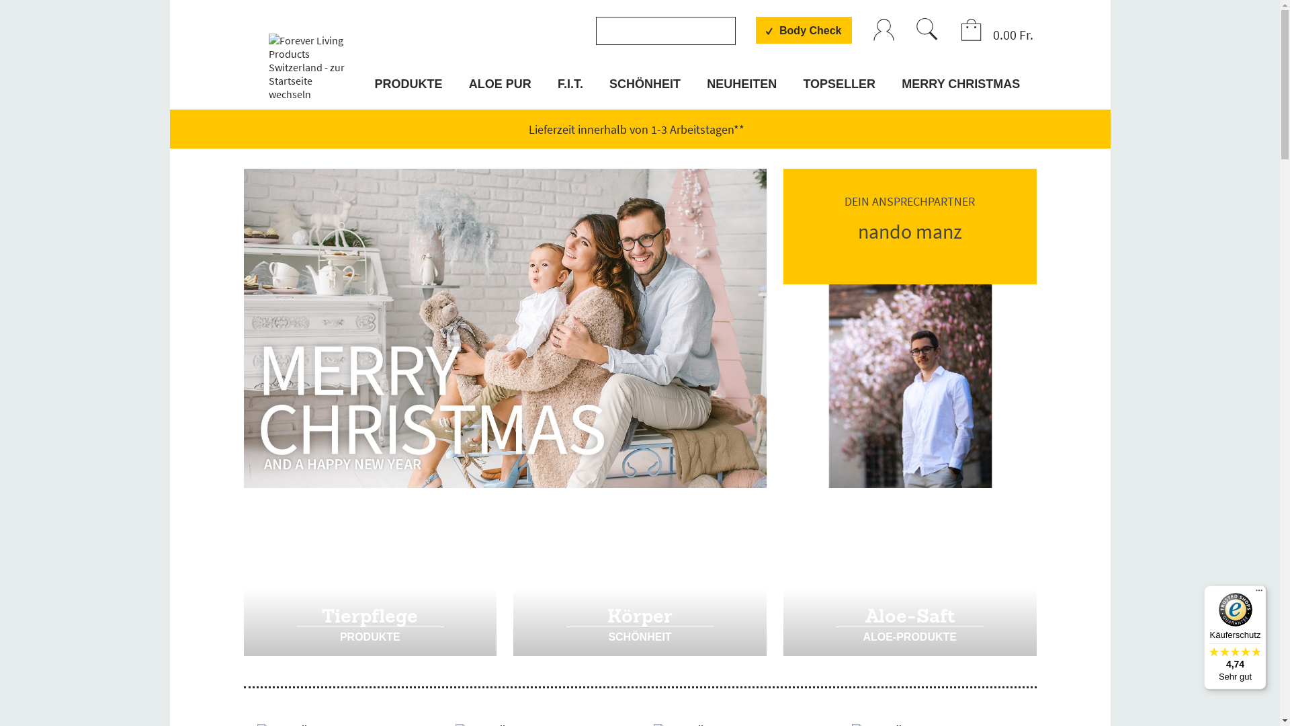  What do you see at coordinates (958, 91) in the screenshot?
I see `'MERRY CHRISTMAS'` at bounding box center [958, 91].